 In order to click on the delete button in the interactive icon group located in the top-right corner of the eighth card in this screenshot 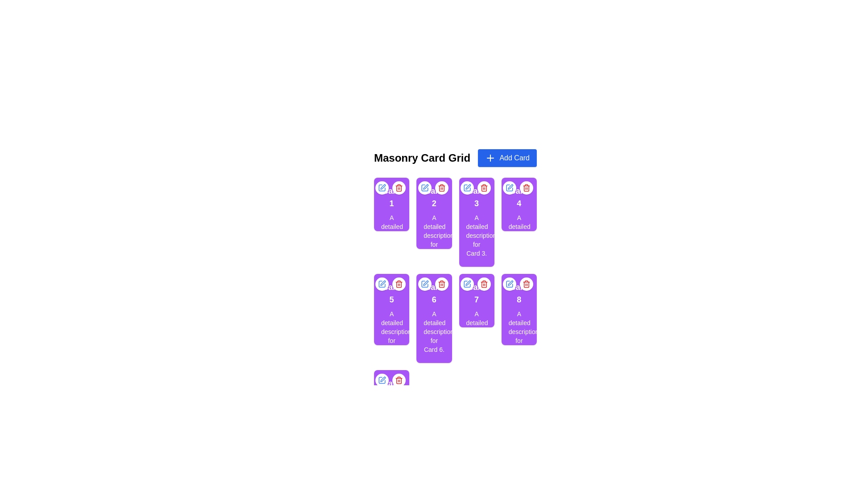, I will do `click(518, 284)`.